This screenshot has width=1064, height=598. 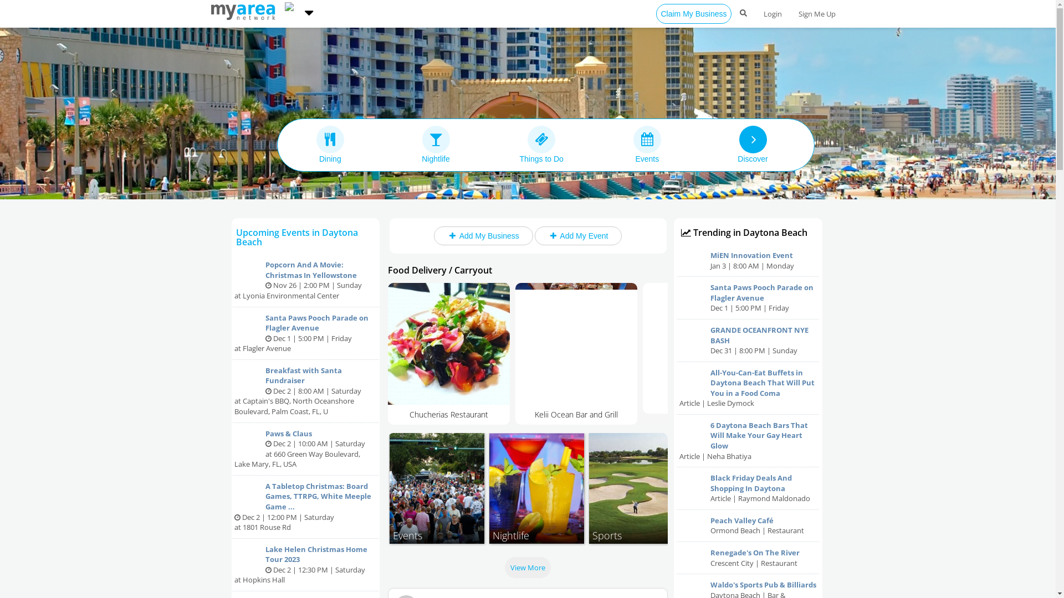 I want to click on '    Add My Event   ', so click(x=577, y=235).